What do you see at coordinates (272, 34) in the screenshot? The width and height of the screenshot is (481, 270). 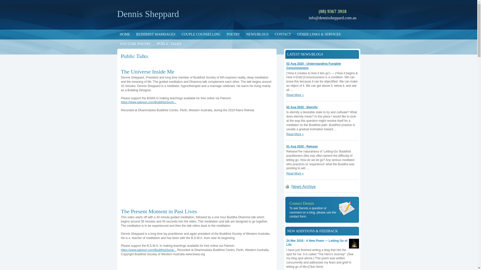 I see `'CONTACT'` at bounding box center [272, 34].